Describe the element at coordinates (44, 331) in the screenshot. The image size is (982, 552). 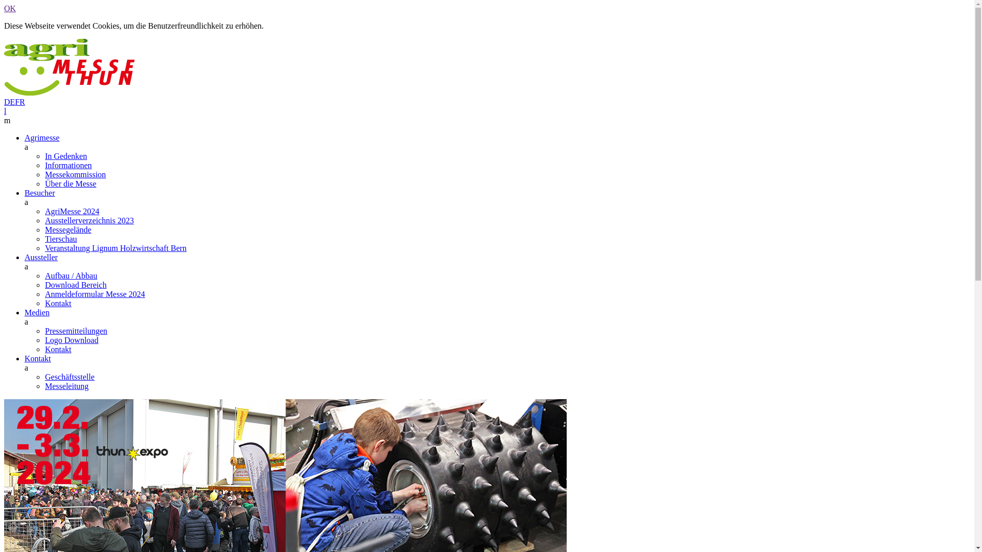
I see `'Pressemitteilungen'` at that location.